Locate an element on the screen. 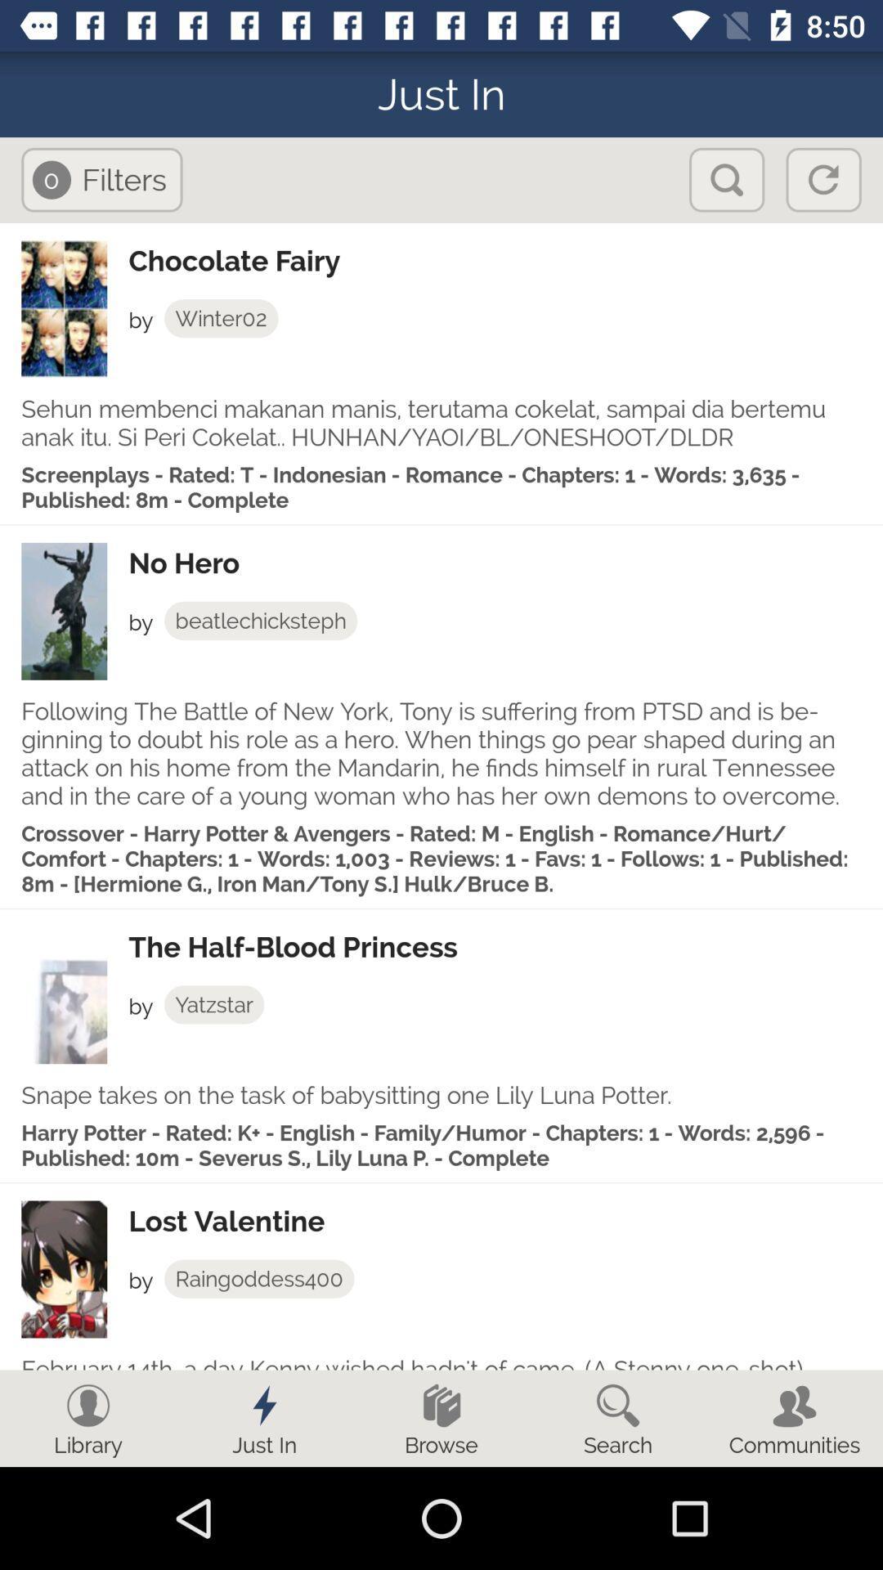 This screenshot has width=883, height=1570. raingoddess400 icon is located at coordinates (258, 1278).